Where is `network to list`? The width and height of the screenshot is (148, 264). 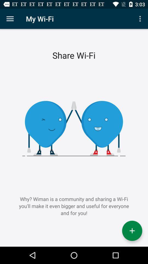 network to list is located at coordinates (132, 231).